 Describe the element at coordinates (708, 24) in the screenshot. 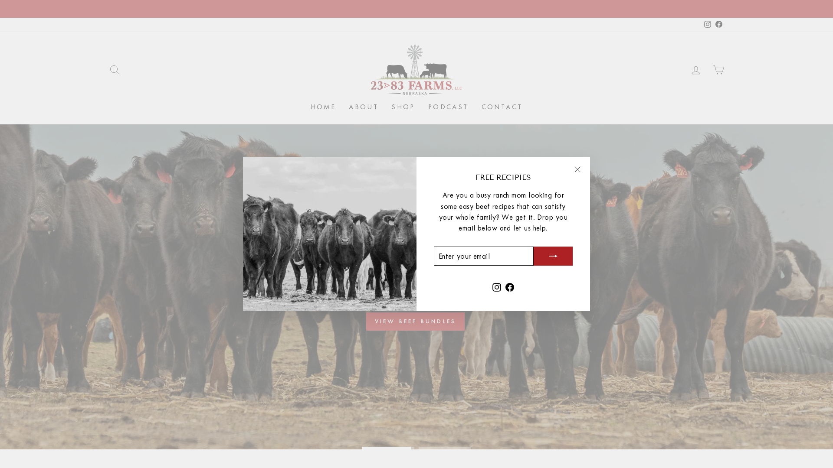

I see `'Instagram'` at that location.